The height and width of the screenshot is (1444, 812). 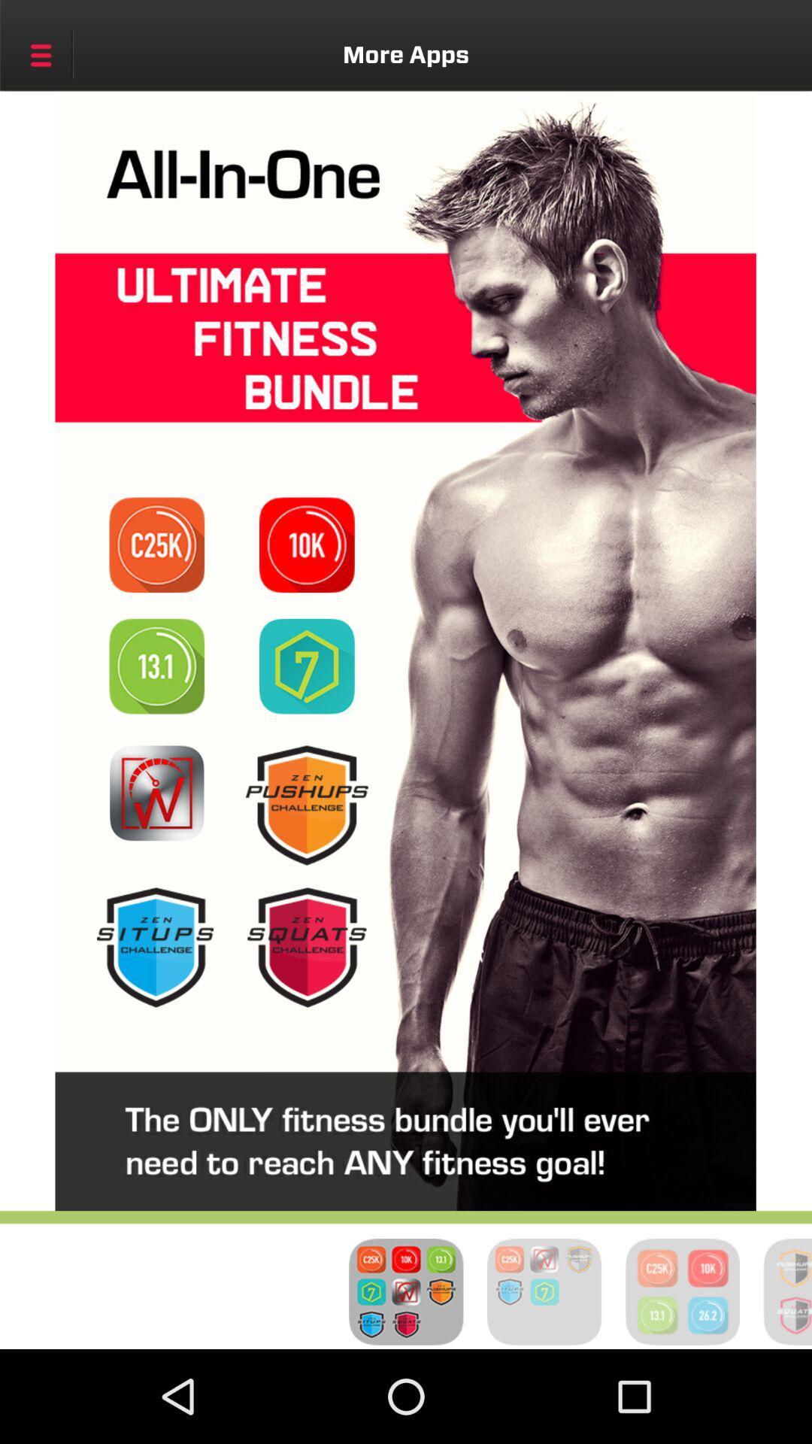 I want to click on open workout plan, so click(x=306, y=666).